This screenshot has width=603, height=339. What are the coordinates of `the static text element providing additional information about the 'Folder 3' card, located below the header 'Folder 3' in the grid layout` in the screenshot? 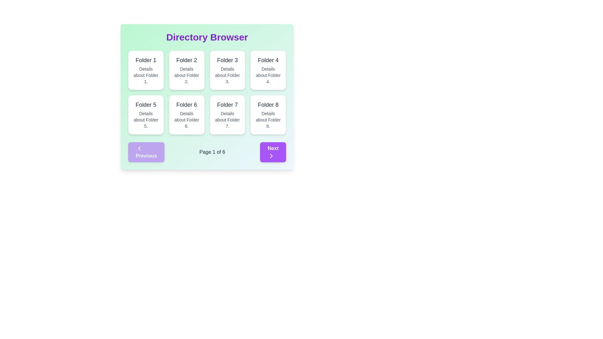 It's located at (227, 75).